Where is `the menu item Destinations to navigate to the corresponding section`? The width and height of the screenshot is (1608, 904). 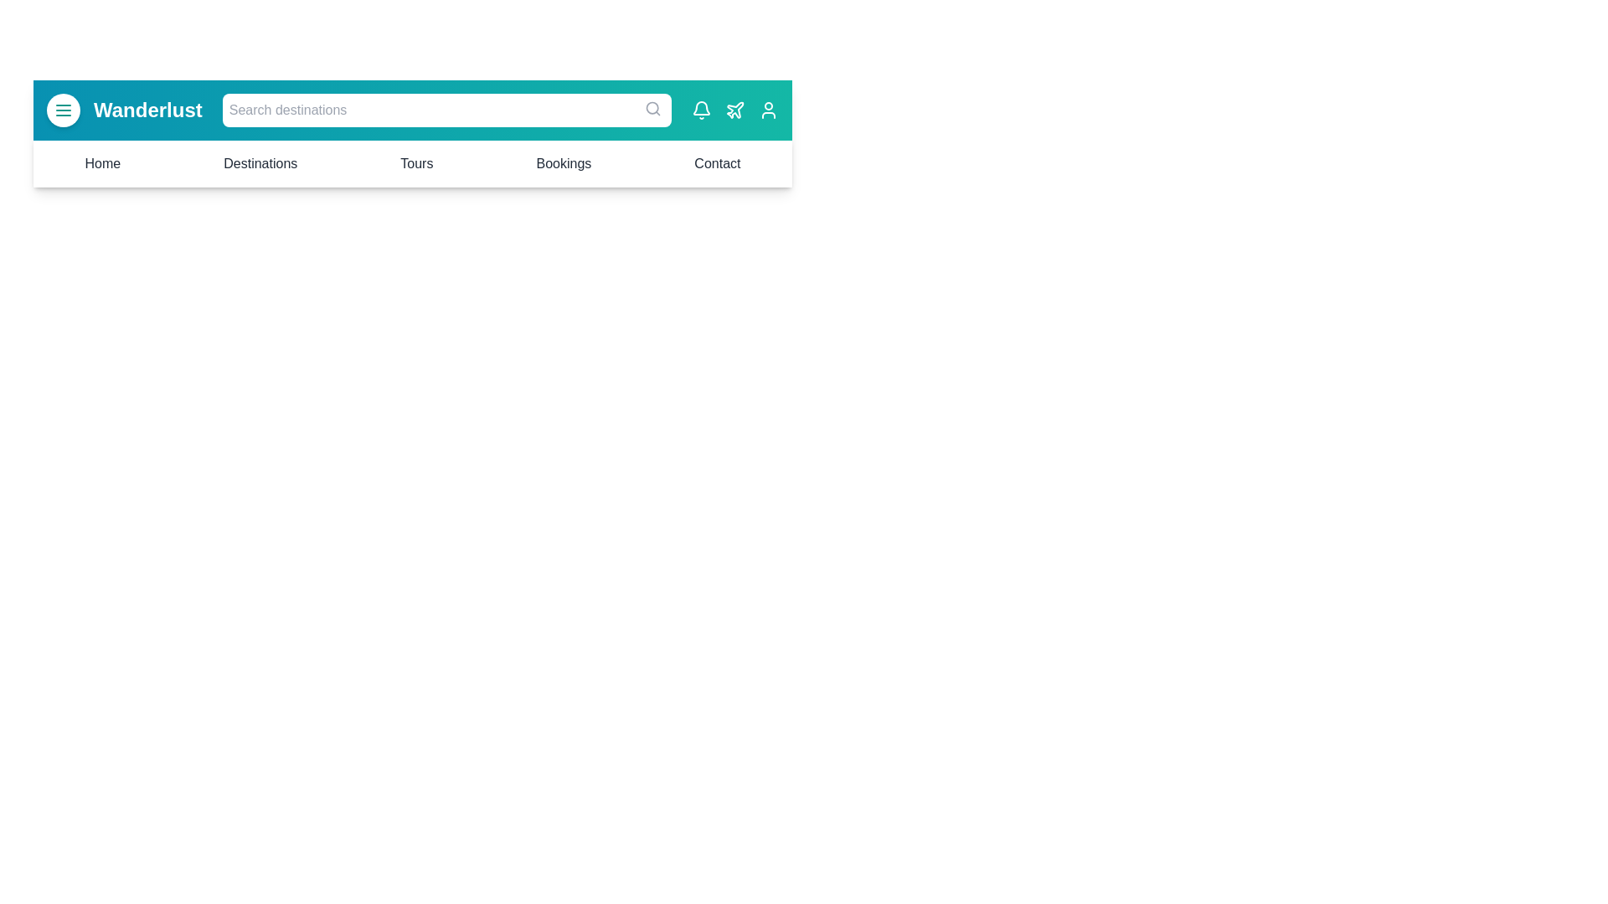 the menu item Destinations to navigate to the corresponding section is located at coordinates (260, 164).